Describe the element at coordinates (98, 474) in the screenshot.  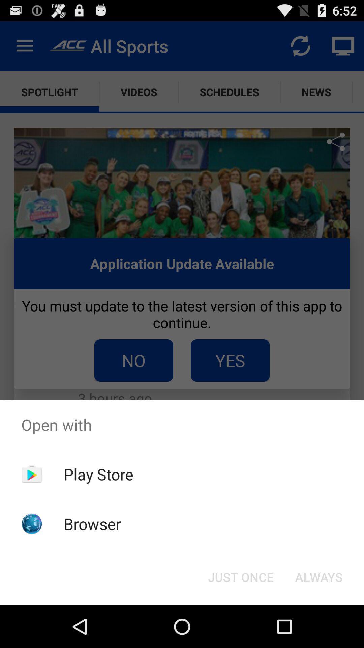
I see `play store` at that location.